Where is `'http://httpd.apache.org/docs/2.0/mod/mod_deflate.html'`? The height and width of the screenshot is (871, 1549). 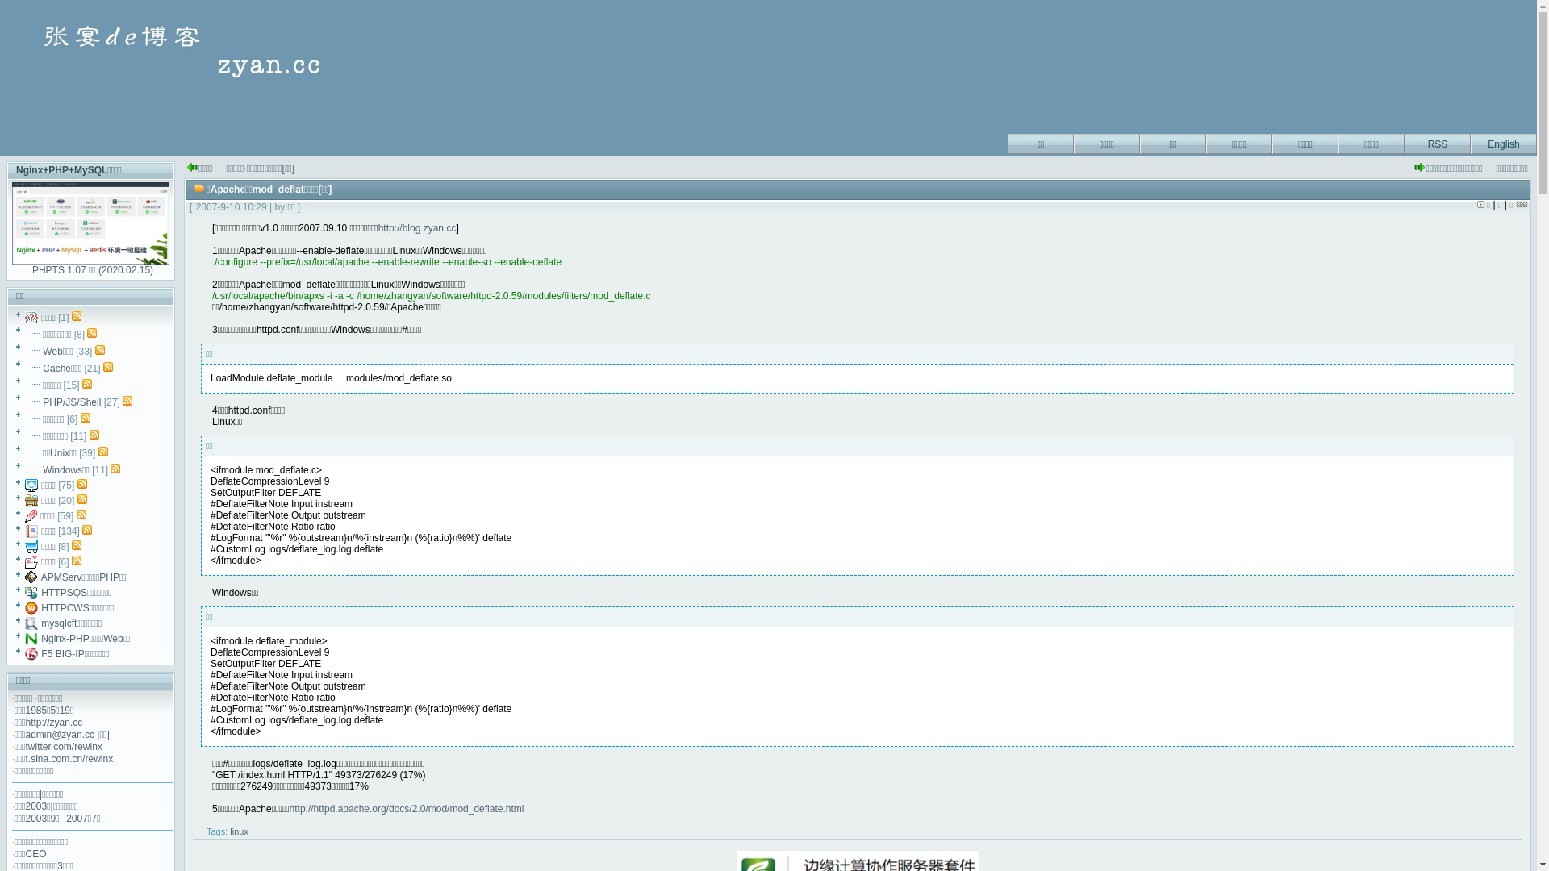 'http://httpd.apache.org/docs/2.0/mod/mod_deflate.html' is located at coordinates (407, 808).